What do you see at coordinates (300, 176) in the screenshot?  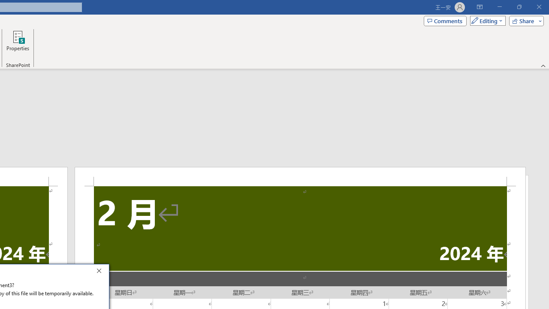 I see `'Header -Section 2-'` at bounding box center [300, 176].